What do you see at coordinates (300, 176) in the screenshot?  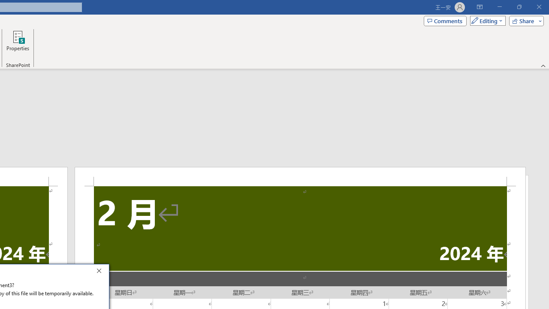 I see `'Header -Section 2-'` at bounding box center [300, 176].